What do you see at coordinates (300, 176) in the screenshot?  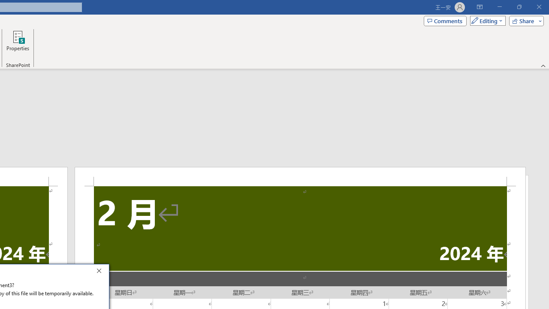 I see `'Header -Section 2-'` at bounding box center [300, 176].